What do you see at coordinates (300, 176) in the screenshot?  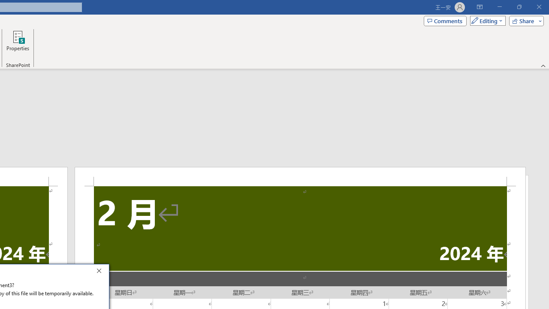 I see `'Header -Section 2-'` at bounding box center [300, 176].